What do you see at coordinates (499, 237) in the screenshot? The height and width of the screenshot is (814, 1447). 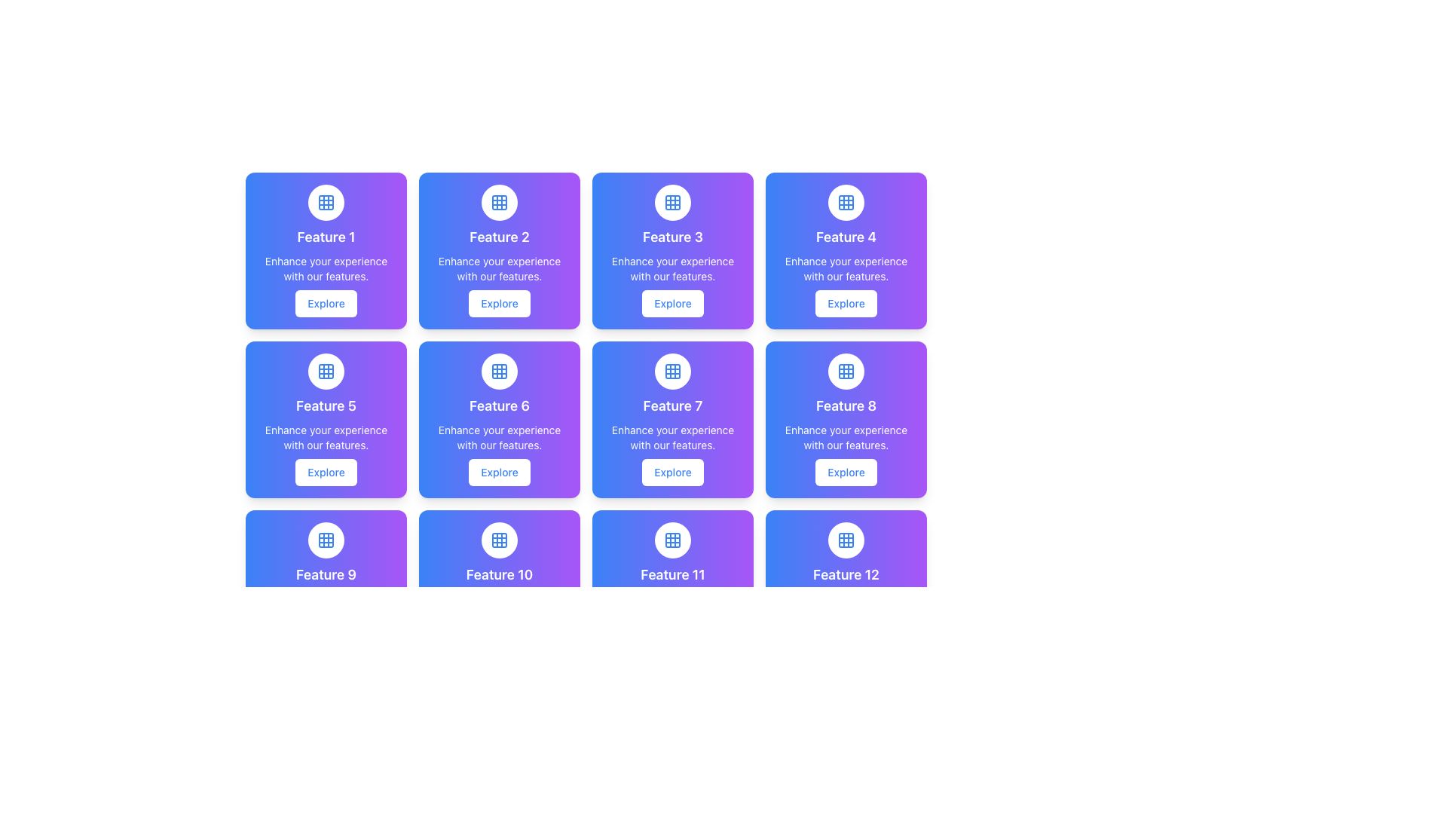 I see `the Text Label that identifies the feature represented by the second card in the first row of the grid layout` at bounding box center [499, 237].